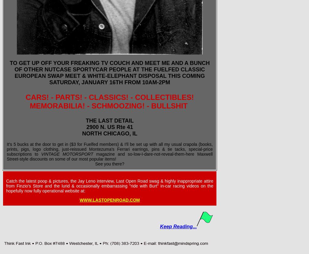 This screenshot has height=254, width=309. What do you see at coordinates (109, 127) in the screenshot?
I see `'2900 N. US Rte 41'` at bounding box center [109, 127].